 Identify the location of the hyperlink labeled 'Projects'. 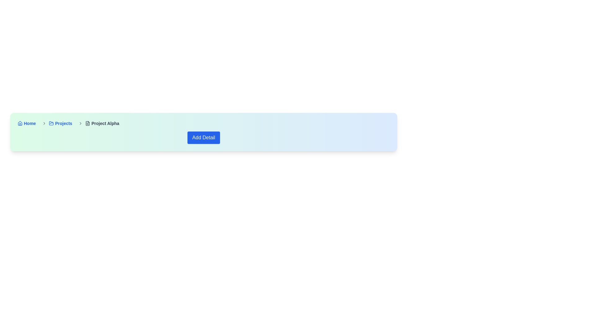
(60, 123).